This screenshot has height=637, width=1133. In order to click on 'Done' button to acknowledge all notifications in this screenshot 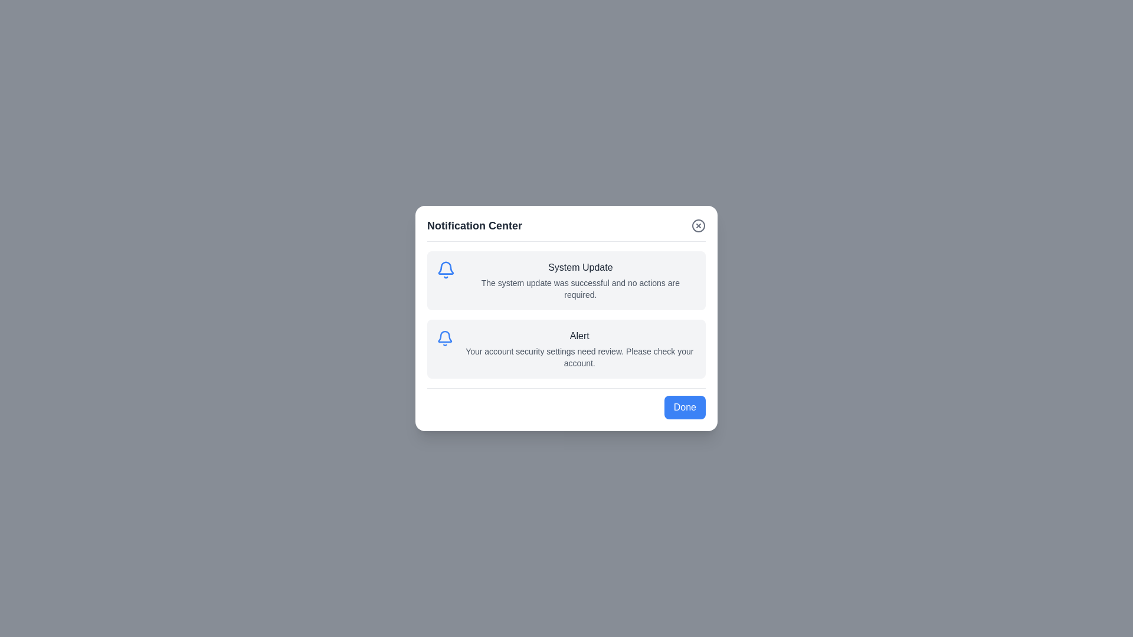, I will do `click(685, 406)`.